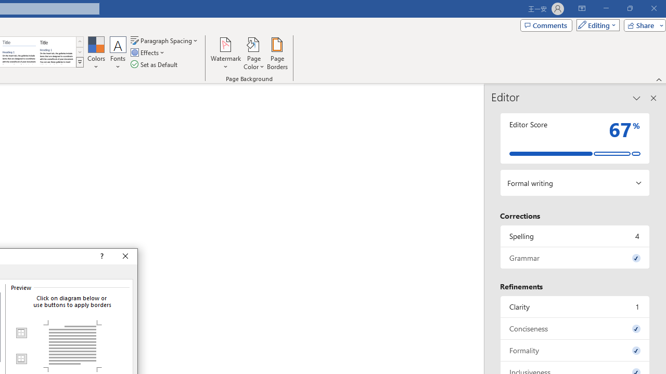 The image size is (666, 374). What do you see at coordinates (21, 333) in the screenshot?
I see `'MSO Generic Control Container'` at bounding box center [21, 333].